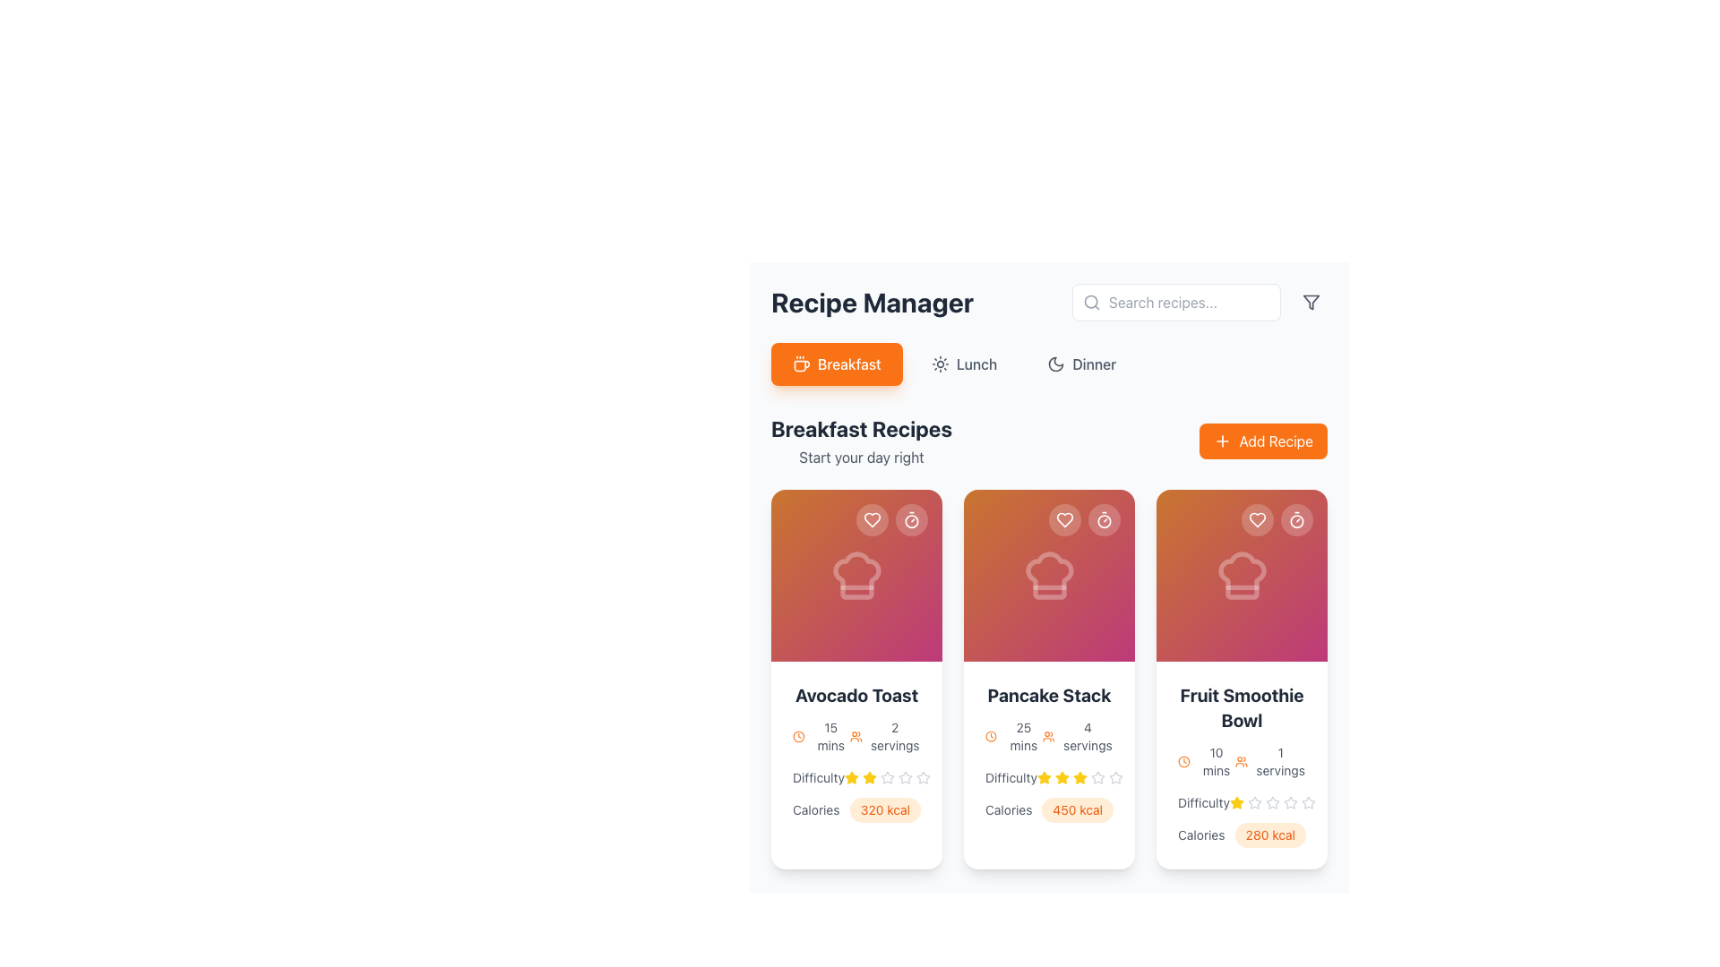 This screenshot has height=967, width=1720. I want to click on the 'Dinner' tab in the tab navigation component to filter by dinner recipes, so click(1049, 364).